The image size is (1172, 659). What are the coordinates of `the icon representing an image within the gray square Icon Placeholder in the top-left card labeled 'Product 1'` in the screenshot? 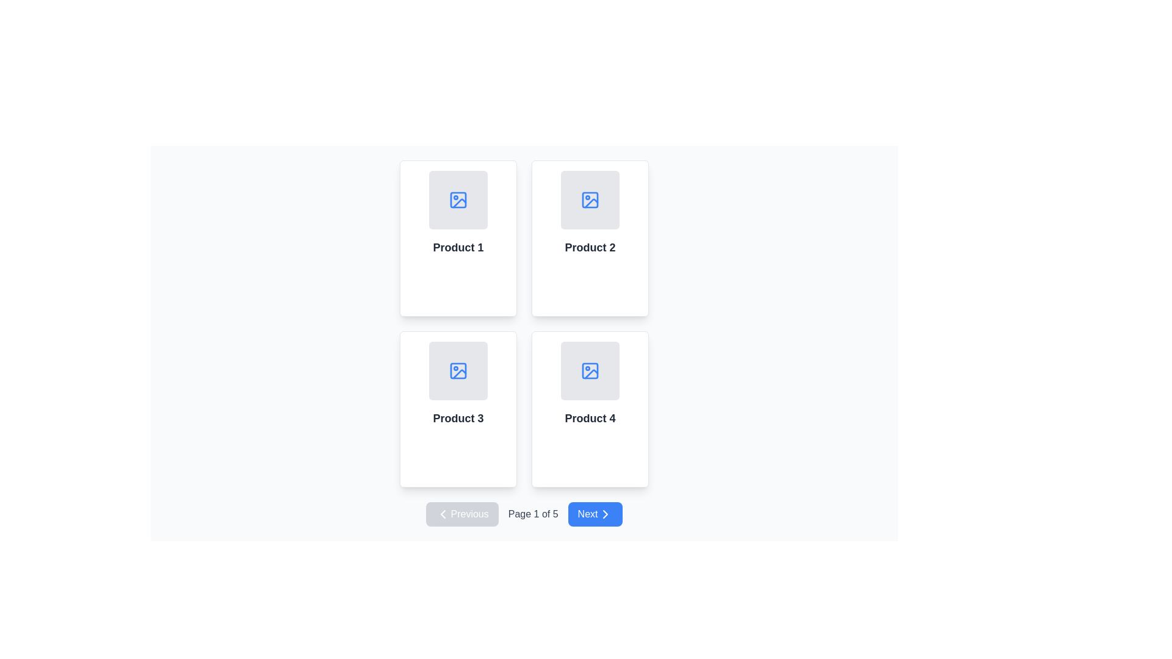 It's located at (457, 199).